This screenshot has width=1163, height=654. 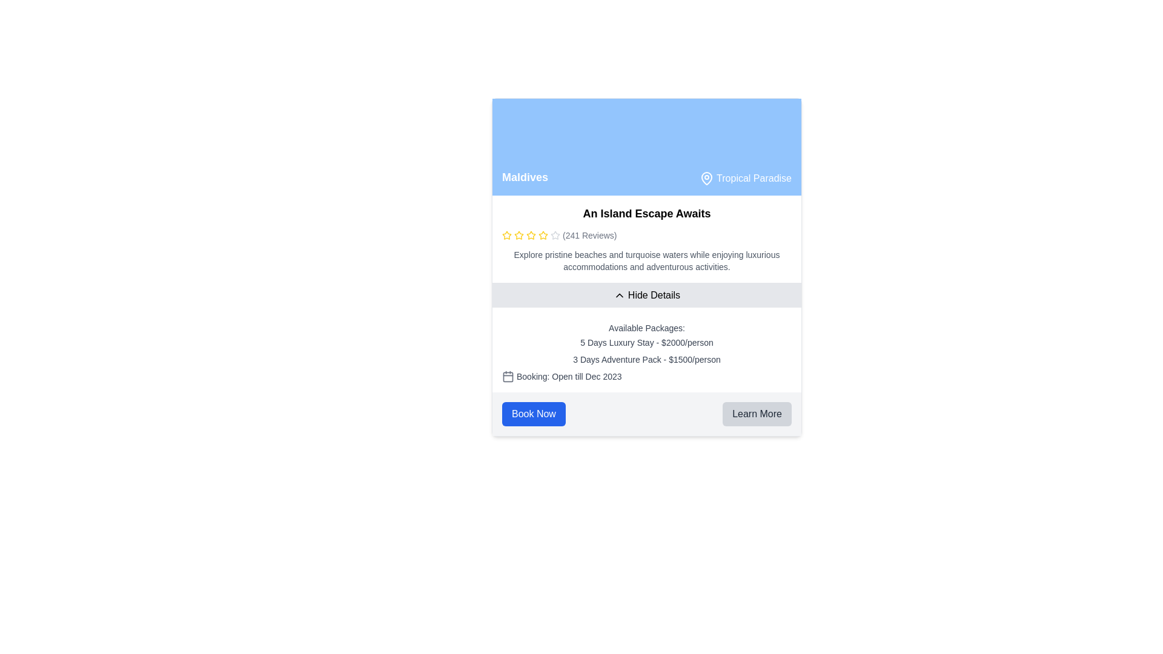 What do you see at coordinates (745, 178) in the screenshot?
I see `the label with the icon displaying 'Tropical Paradise', which is located at the bottom-right corner of a blue header section, adjacent to the text 'Maldives'` at bounding box center [745, 178].